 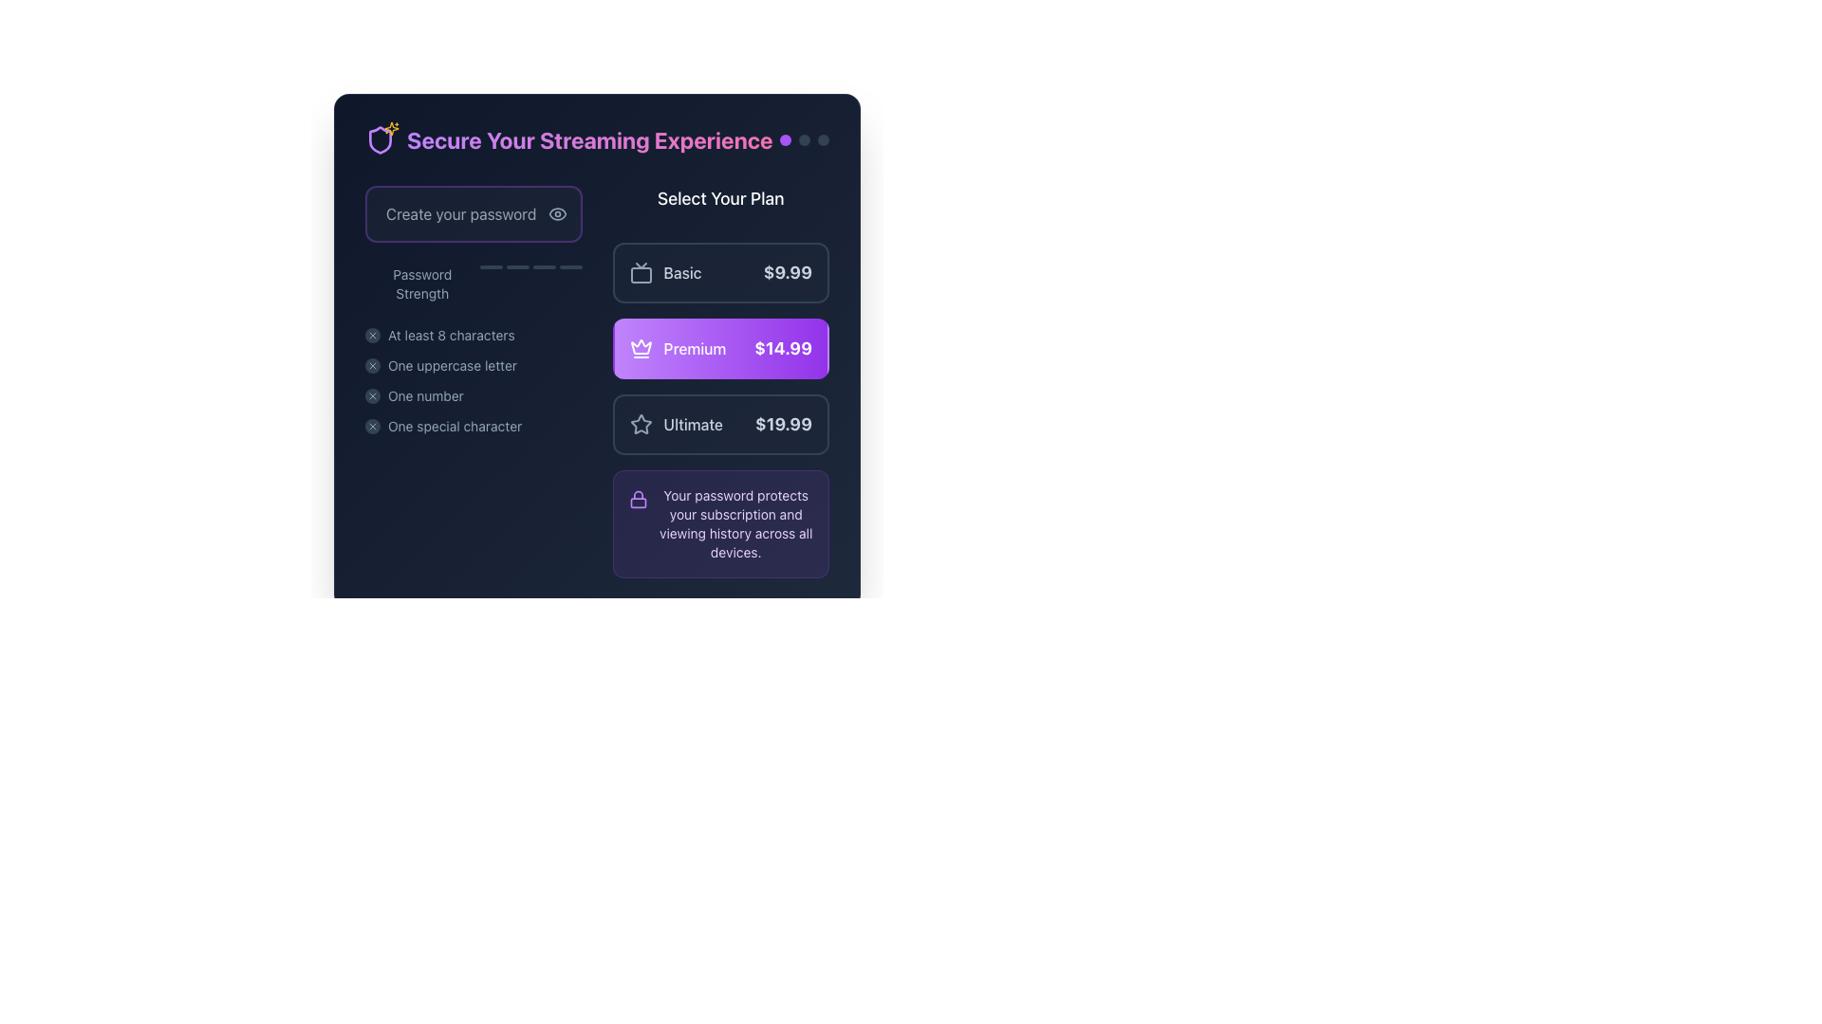 What do you see at coordinates (692, 423) in the screenshot?
I see `the 'Ultimate' pricing plan text label which is located in the pricing plan section, below the 'premium' plan and aligned with a star icon and price label` at bounding box center [692, 423].